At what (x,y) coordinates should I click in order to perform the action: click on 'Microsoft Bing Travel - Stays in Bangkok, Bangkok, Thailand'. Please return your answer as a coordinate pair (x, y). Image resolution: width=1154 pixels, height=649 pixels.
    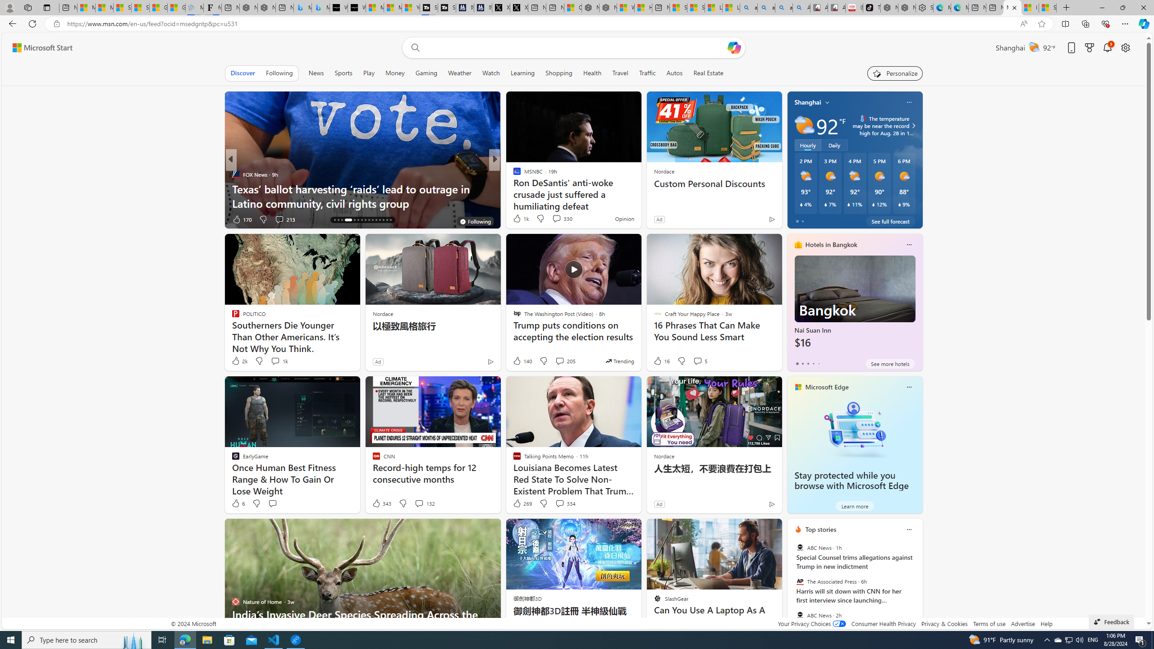
    Looking at the image, I should click on (302, 7).